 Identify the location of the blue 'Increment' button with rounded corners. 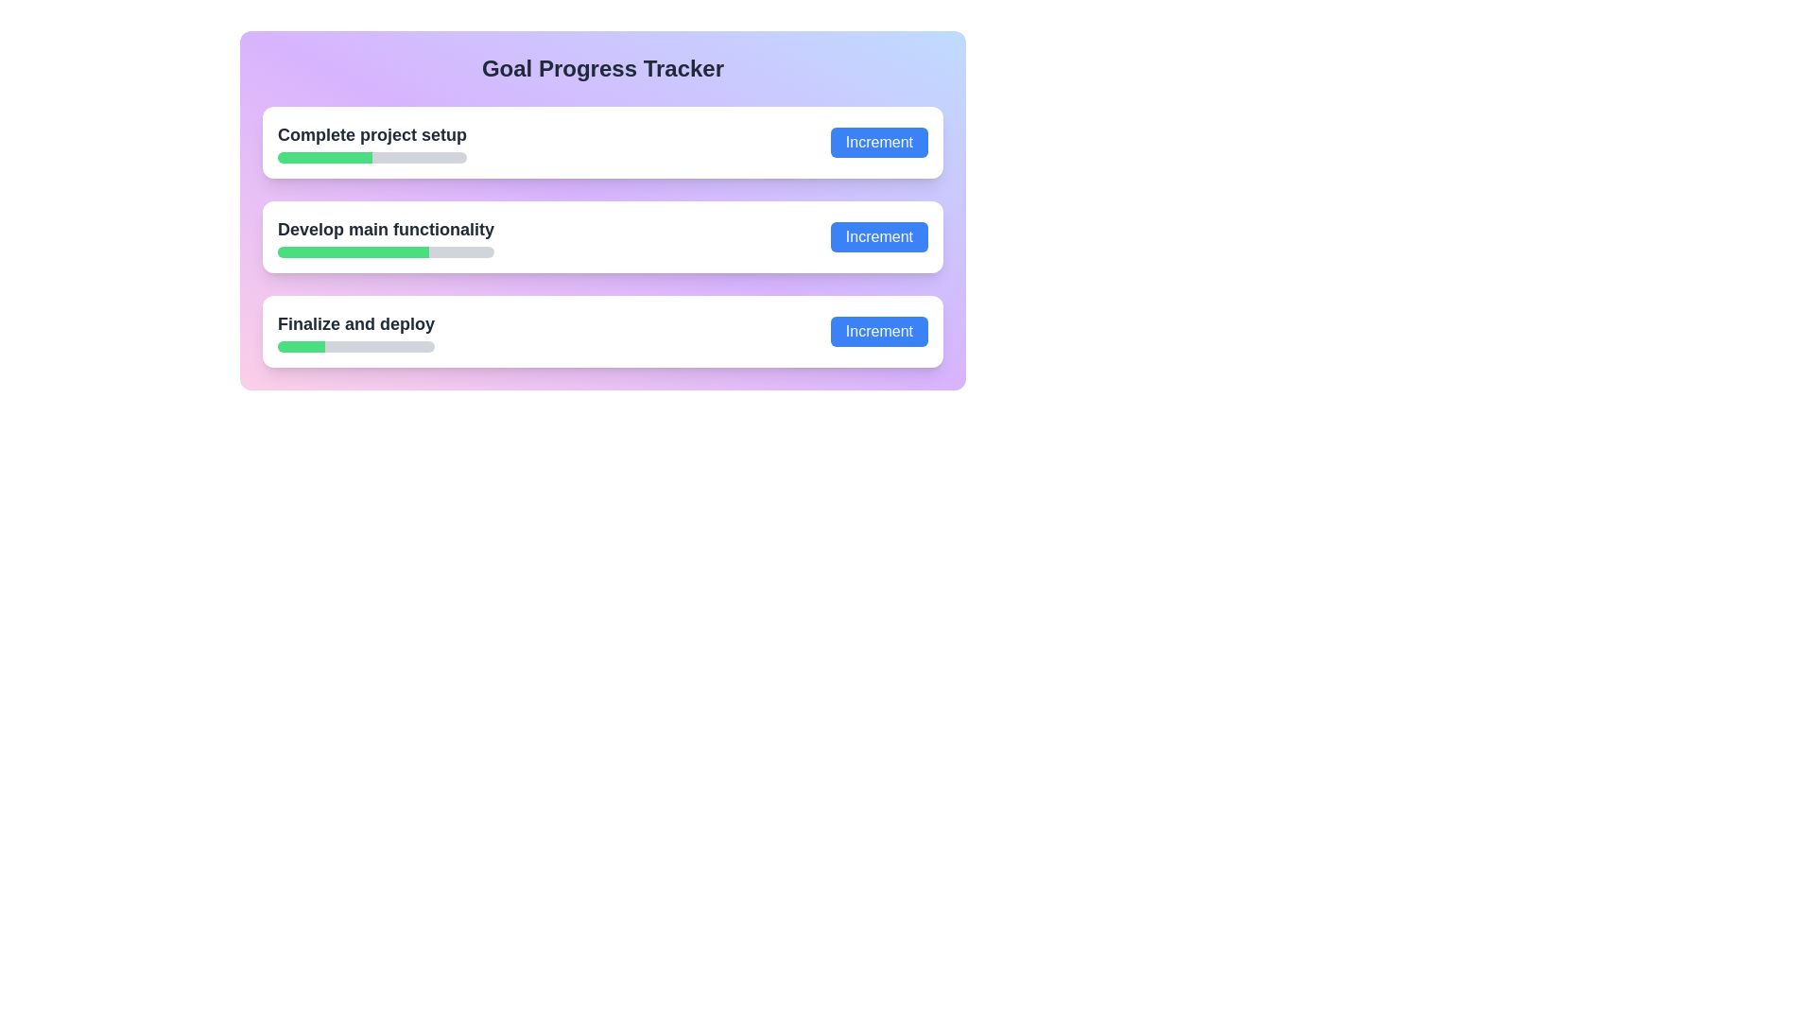
(878, 331).